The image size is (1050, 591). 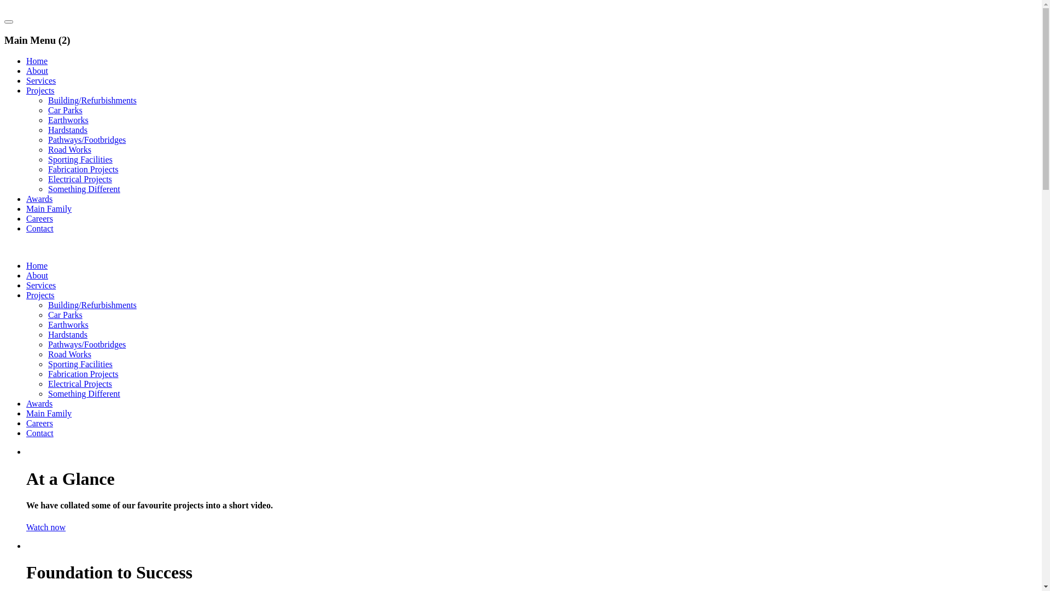 What do you see at coordinates (69, 149) in the screenshot?
I see `'Road Works'` at bounding box center [69, 149].